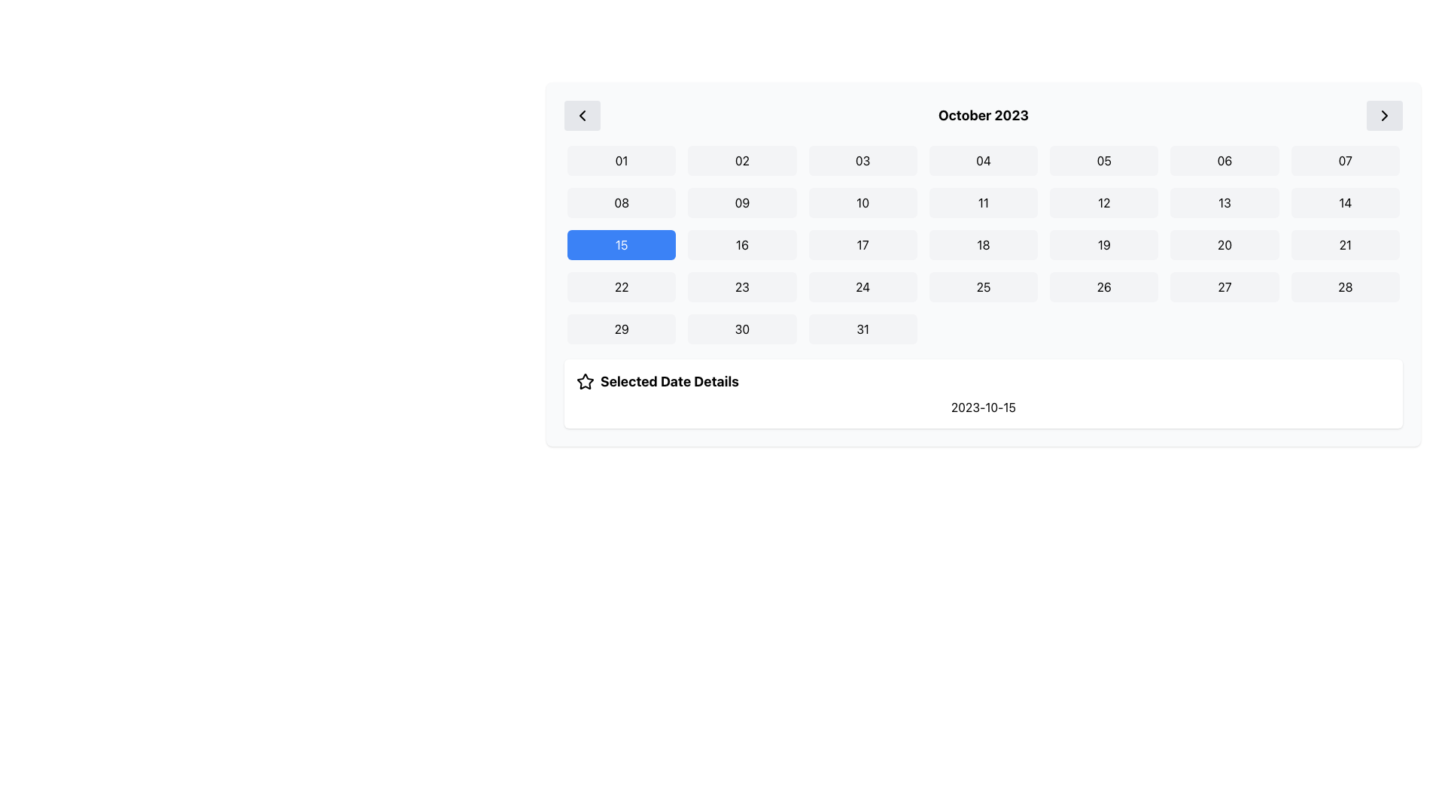 The height and width of the screenshot is (812, 1445). Describe the element at coordinates (742, 286) in the screenshot. I see `the button representing the selectable day in the calendar interface located in the fourth row and second column of the grid` at that location.